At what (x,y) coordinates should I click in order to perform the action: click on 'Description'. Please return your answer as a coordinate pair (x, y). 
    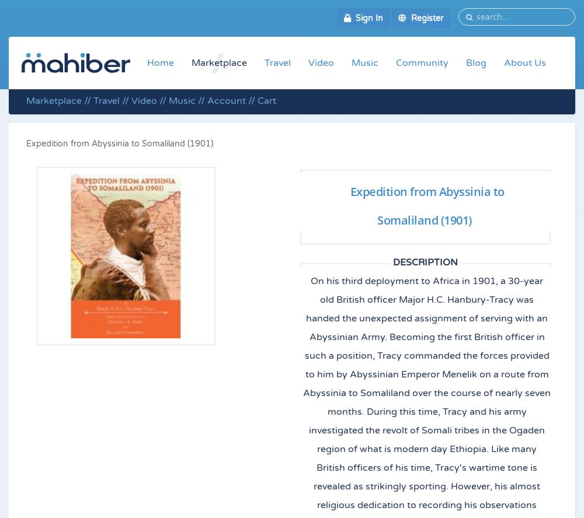
    Looking at the image, I should click on (424, 261).